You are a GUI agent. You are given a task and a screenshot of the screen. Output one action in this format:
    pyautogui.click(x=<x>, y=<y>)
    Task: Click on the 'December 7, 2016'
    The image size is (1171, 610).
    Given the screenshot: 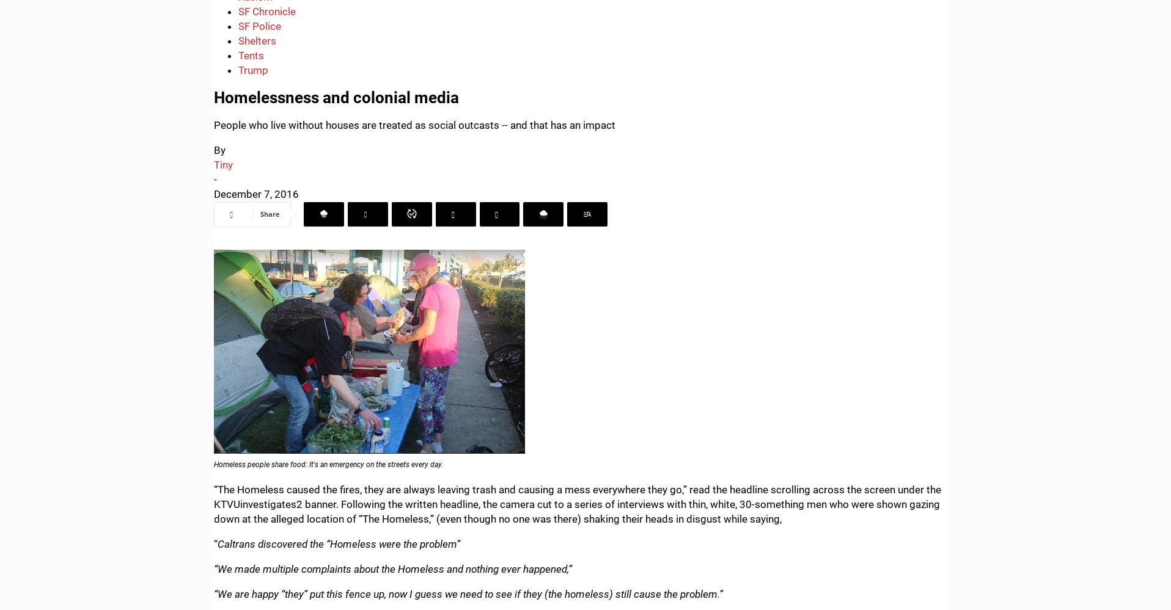 What is the action you would take?
    pyautogui.click(x=256, y=193)
    